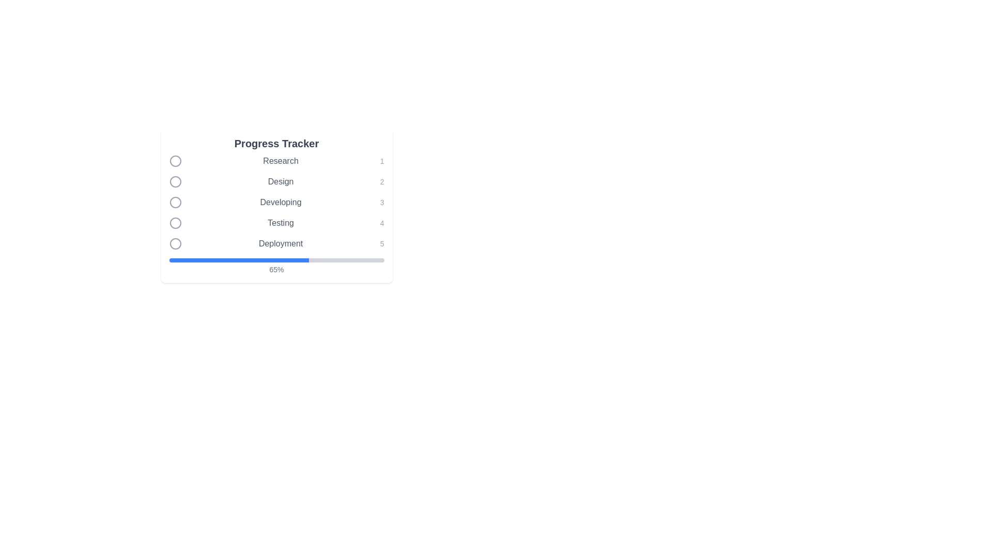 The width and height of the screenshot is (992, 558). I want to click on the circular graphical indicator styled like a radio button, which is the second element in a vertical list aligned with the text label 'Design', so click(175, 181).